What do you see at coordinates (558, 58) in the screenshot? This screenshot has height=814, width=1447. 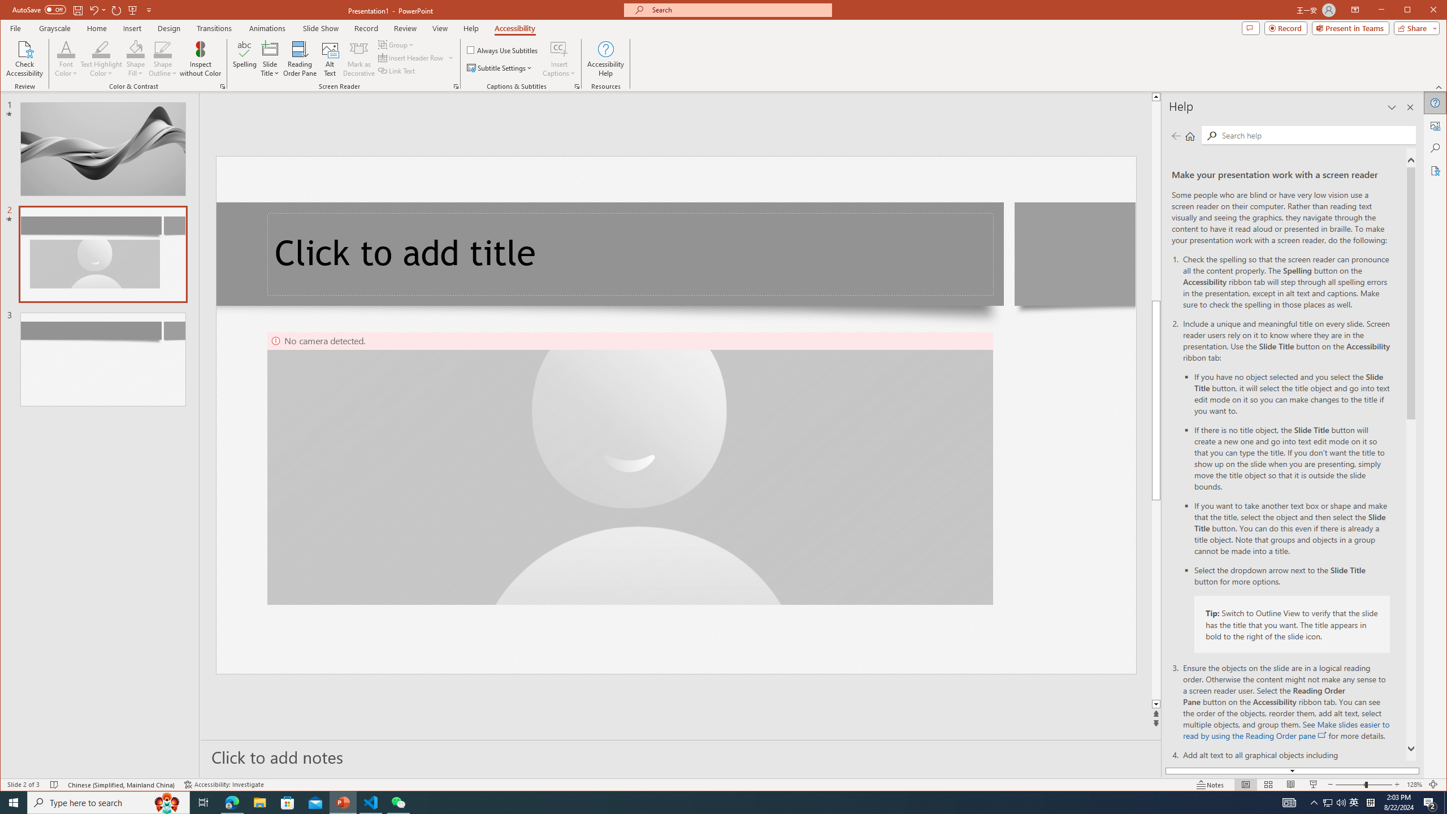 I see `'Insert Captions'` at bounding box center [558, 58].